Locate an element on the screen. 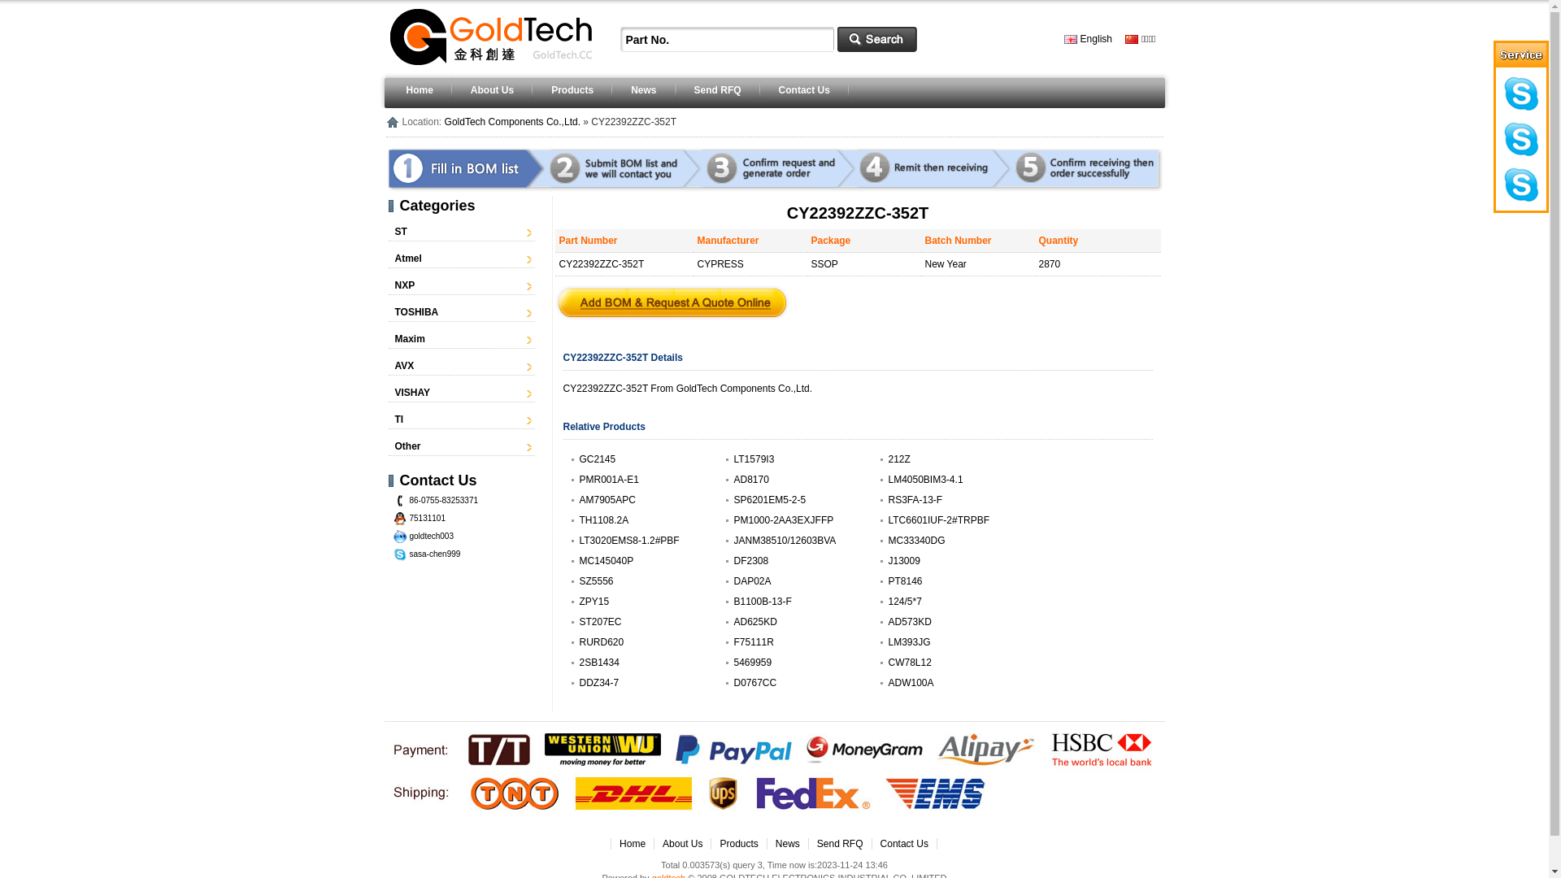  'CW78L12' is located at coordinates (908, 662).